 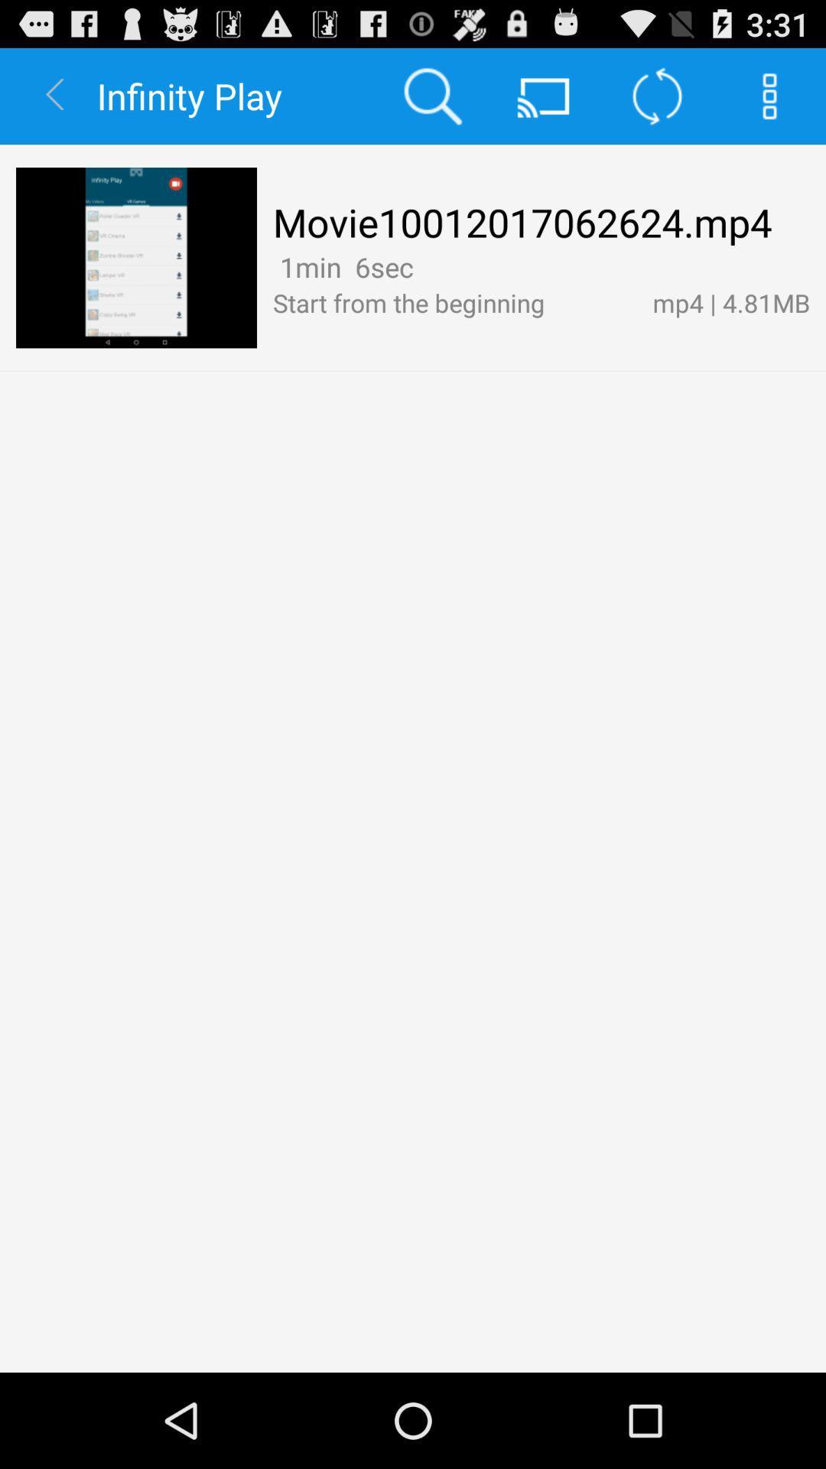 What do you see at coordinates (342, 267) in the screenshot?
I see `the icon below the movie10012017062624.mp4 app` at bounding box center [342, 267].